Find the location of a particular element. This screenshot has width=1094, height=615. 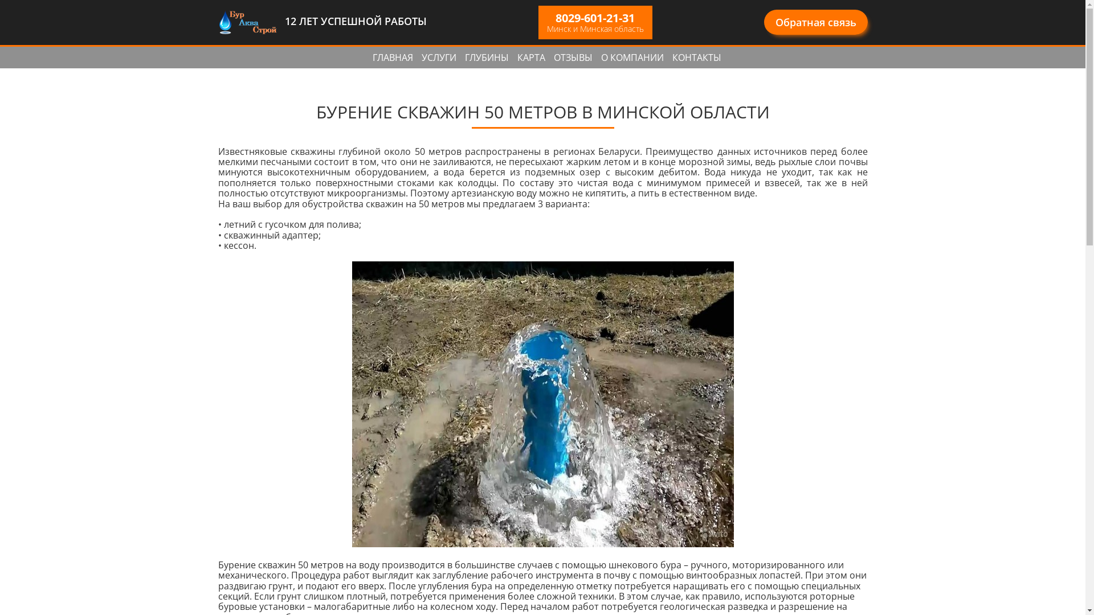

'8029-601-21-31' is located at coordinates (594, 18).